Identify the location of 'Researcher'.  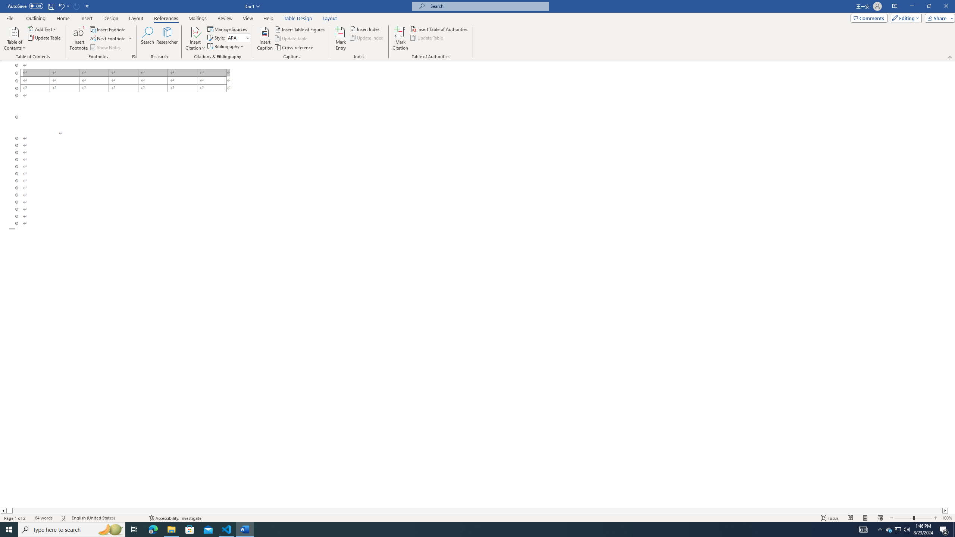
(167, 38).